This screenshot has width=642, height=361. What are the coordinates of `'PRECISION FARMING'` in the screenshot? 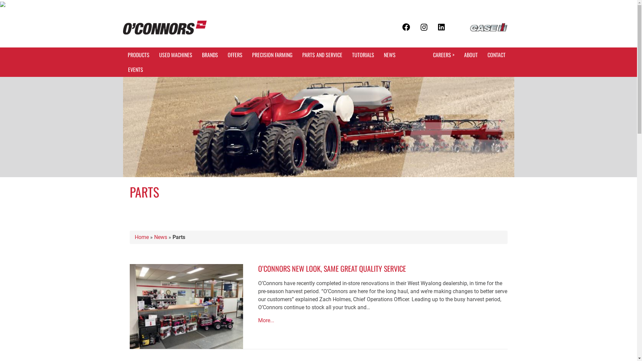 It's located at (247, 54).